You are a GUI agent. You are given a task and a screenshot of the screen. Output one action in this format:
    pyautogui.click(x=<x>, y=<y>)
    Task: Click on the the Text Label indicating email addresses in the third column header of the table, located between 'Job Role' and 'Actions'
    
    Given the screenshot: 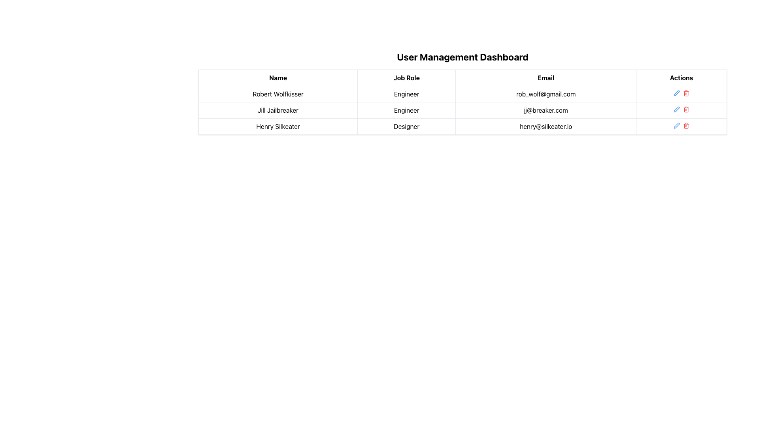 What is the action you would take?
    pyautogui.click(x=546, y=77)
    